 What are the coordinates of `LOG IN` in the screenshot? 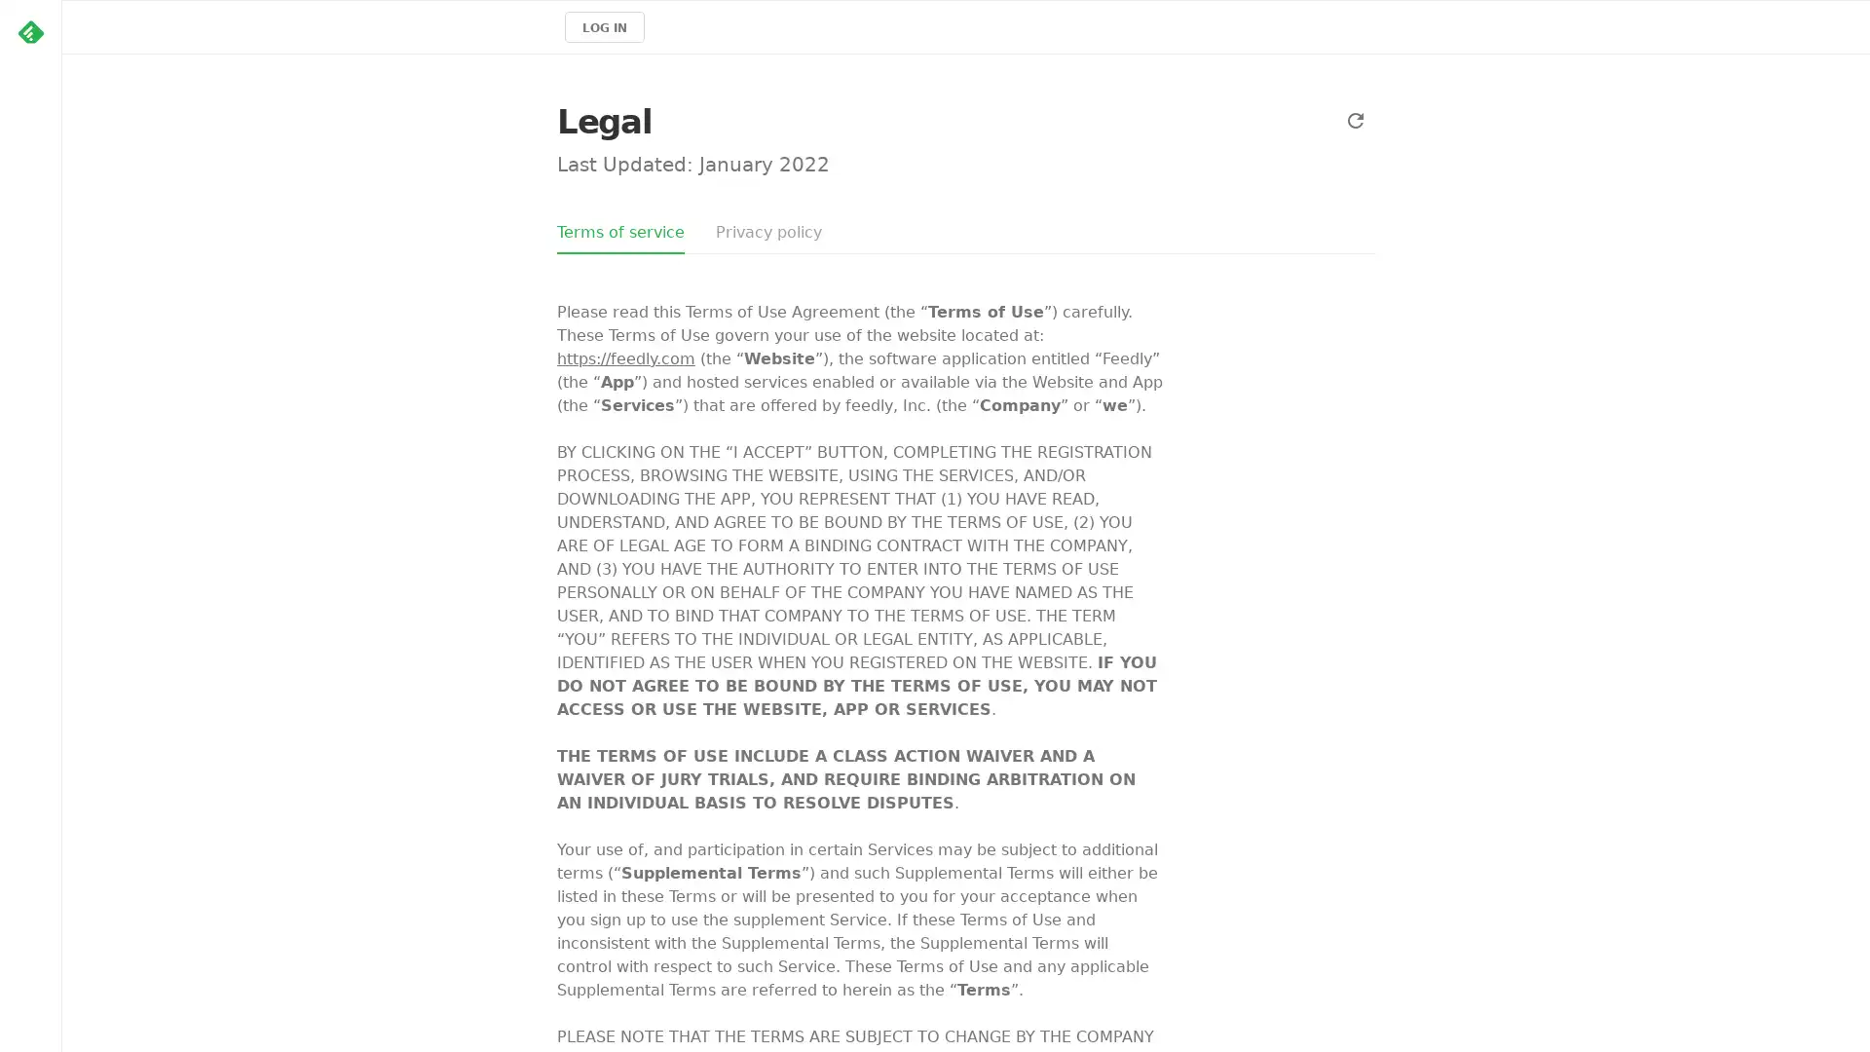 It's located at (603, 26).